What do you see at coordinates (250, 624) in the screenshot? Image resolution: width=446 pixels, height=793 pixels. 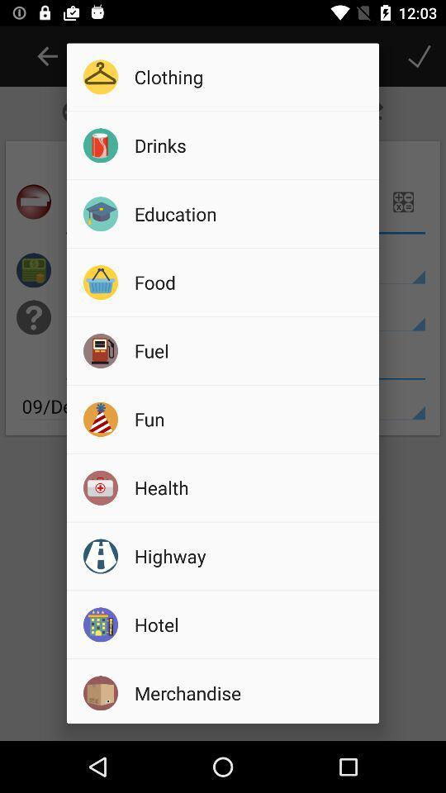 I see `hotel` at bounding box center [250, 624].